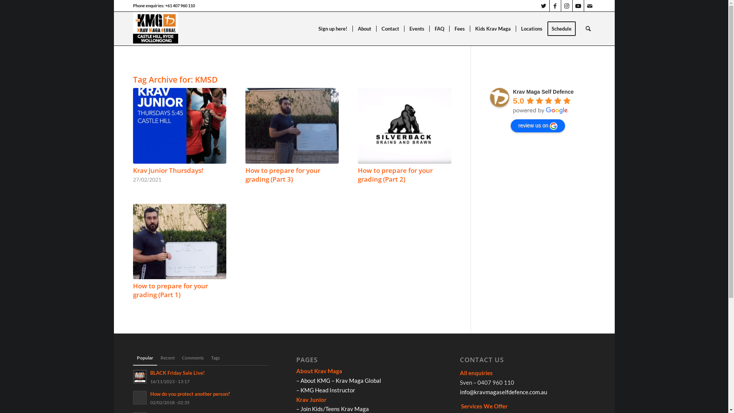 The image size is (734, 413). Describe the element at coordinates (564, 28) in the screenshot. I see `'Schedule'` at that location.